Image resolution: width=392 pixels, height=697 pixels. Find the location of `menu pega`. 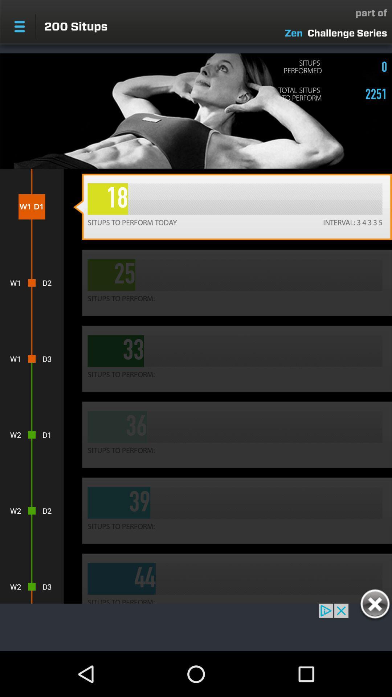

menu pega is located at coordinates (19, 27).